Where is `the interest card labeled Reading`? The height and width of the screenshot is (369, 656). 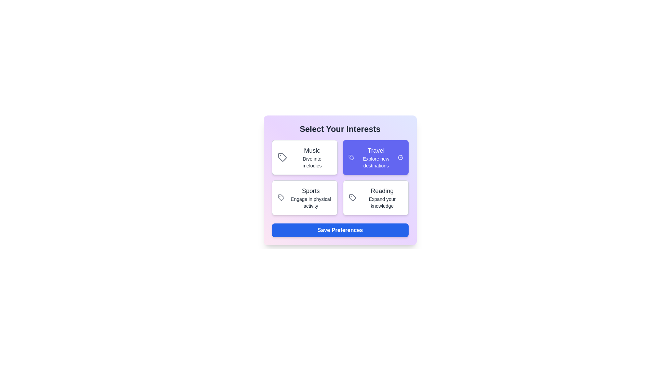 the interest card labeled Reading is located at coordinates (375, 197).